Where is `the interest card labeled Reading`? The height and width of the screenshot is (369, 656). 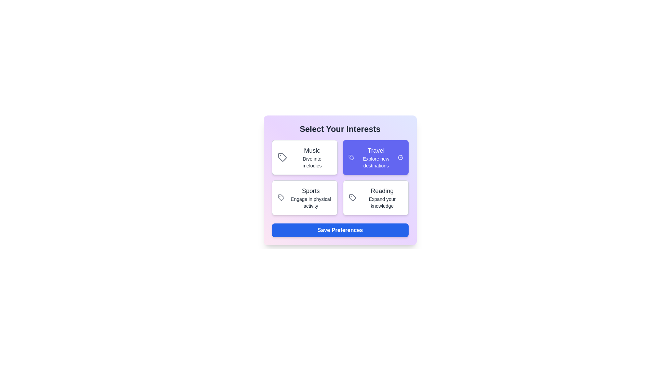 the interest card labeled Reading is located at coordinates (375, 197).